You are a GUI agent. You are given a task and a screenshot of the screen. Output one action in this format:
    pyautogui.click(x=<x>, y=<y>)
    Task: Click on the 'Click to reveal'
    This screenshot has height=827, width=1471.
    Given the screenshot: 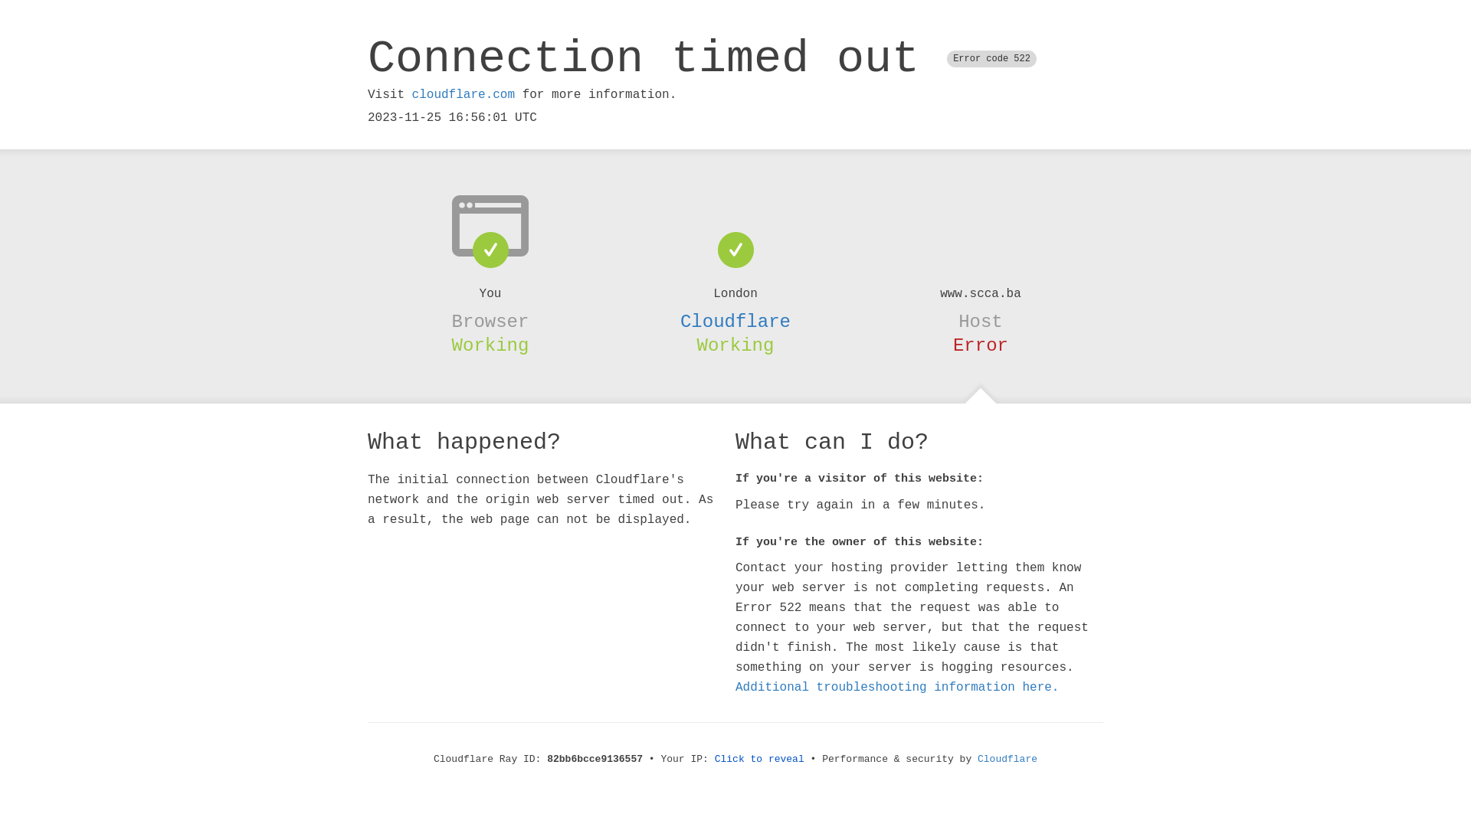 What is the action you would take?
    pyautogui.click(x=759, y=759)
    